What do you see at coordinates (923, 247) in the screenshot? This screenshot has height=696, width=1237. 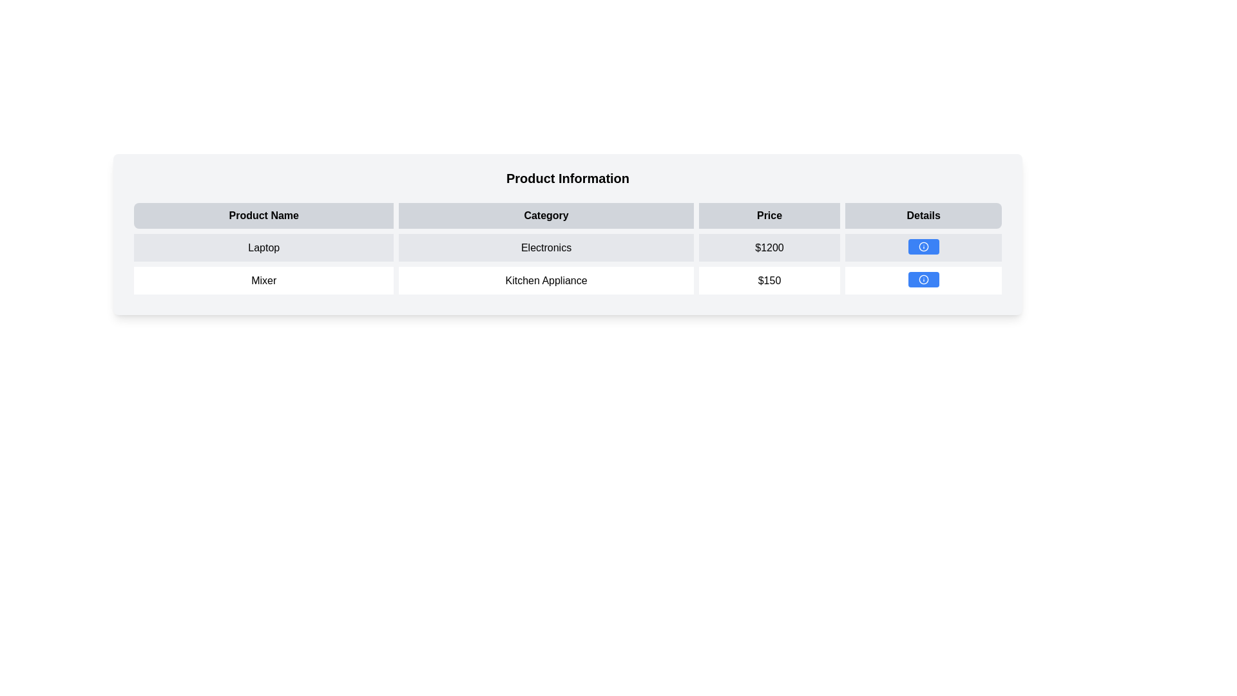 I see `the 'Details' button related to the 'Laptop' product by` at bounding box center [923, 247].